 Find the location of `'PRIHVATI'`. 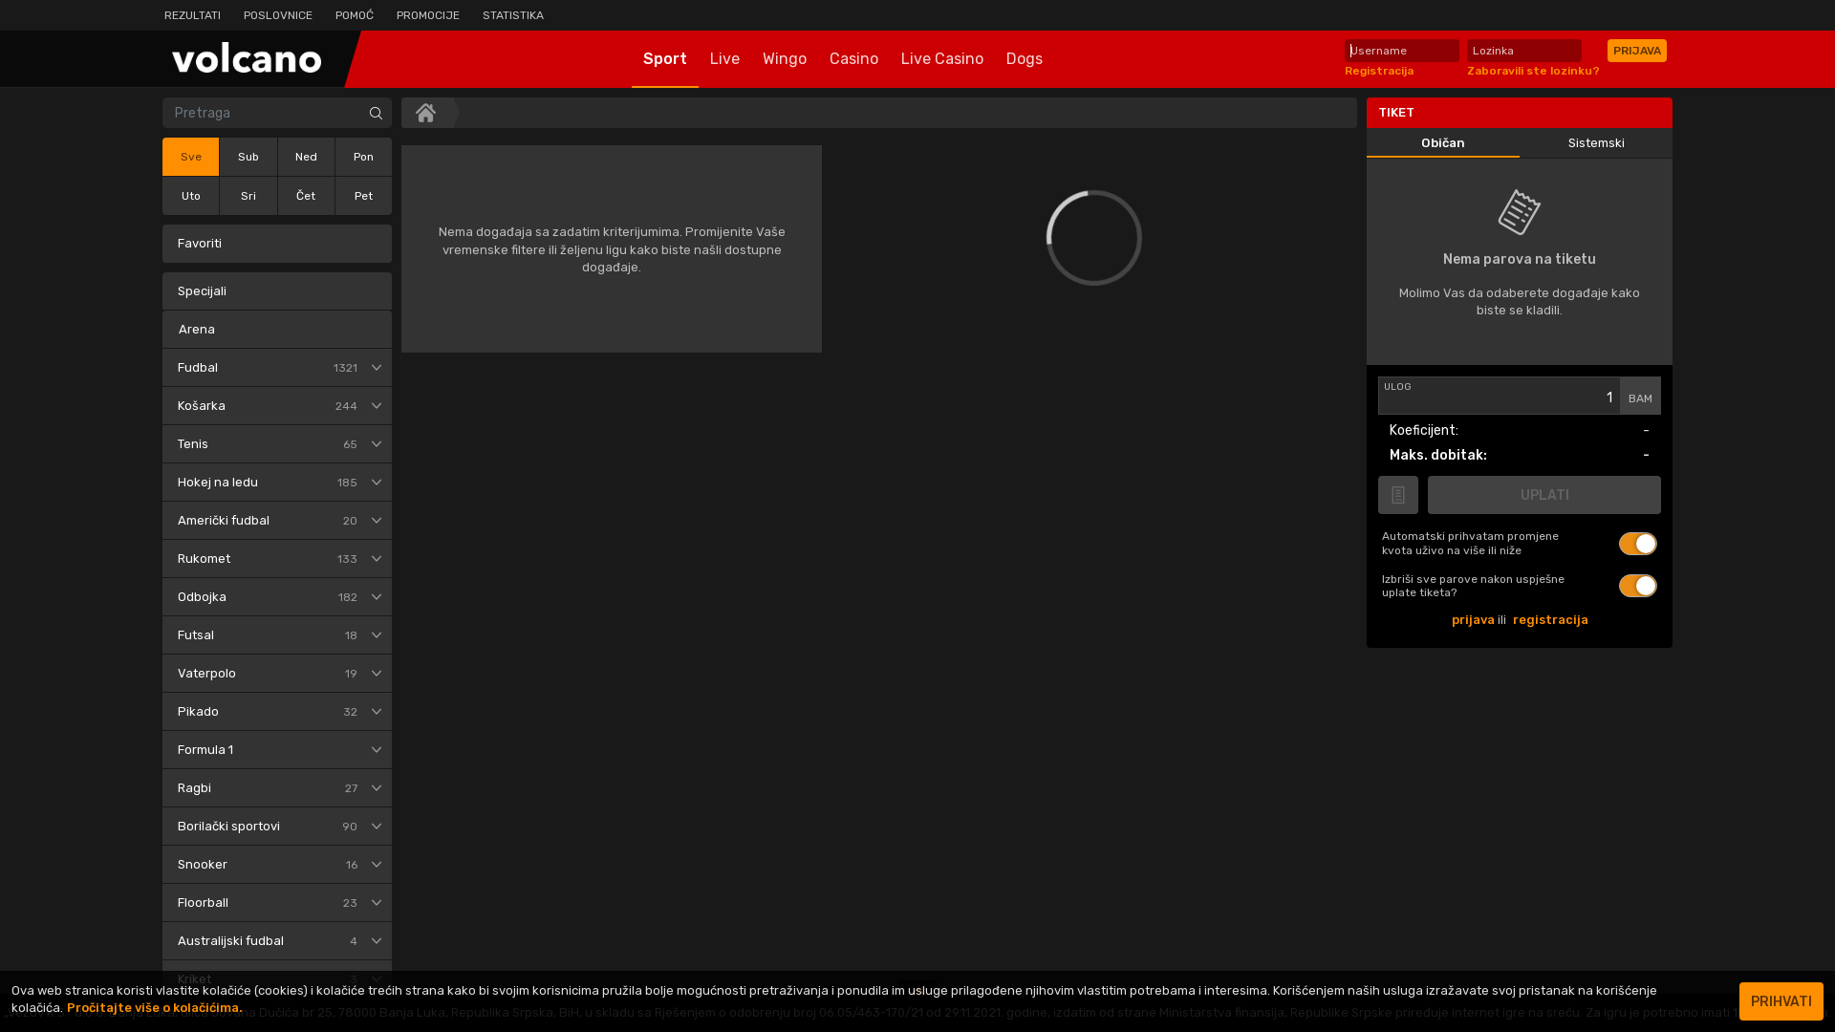

'PRIHVATI' is located at coordinates (1780, 1000).